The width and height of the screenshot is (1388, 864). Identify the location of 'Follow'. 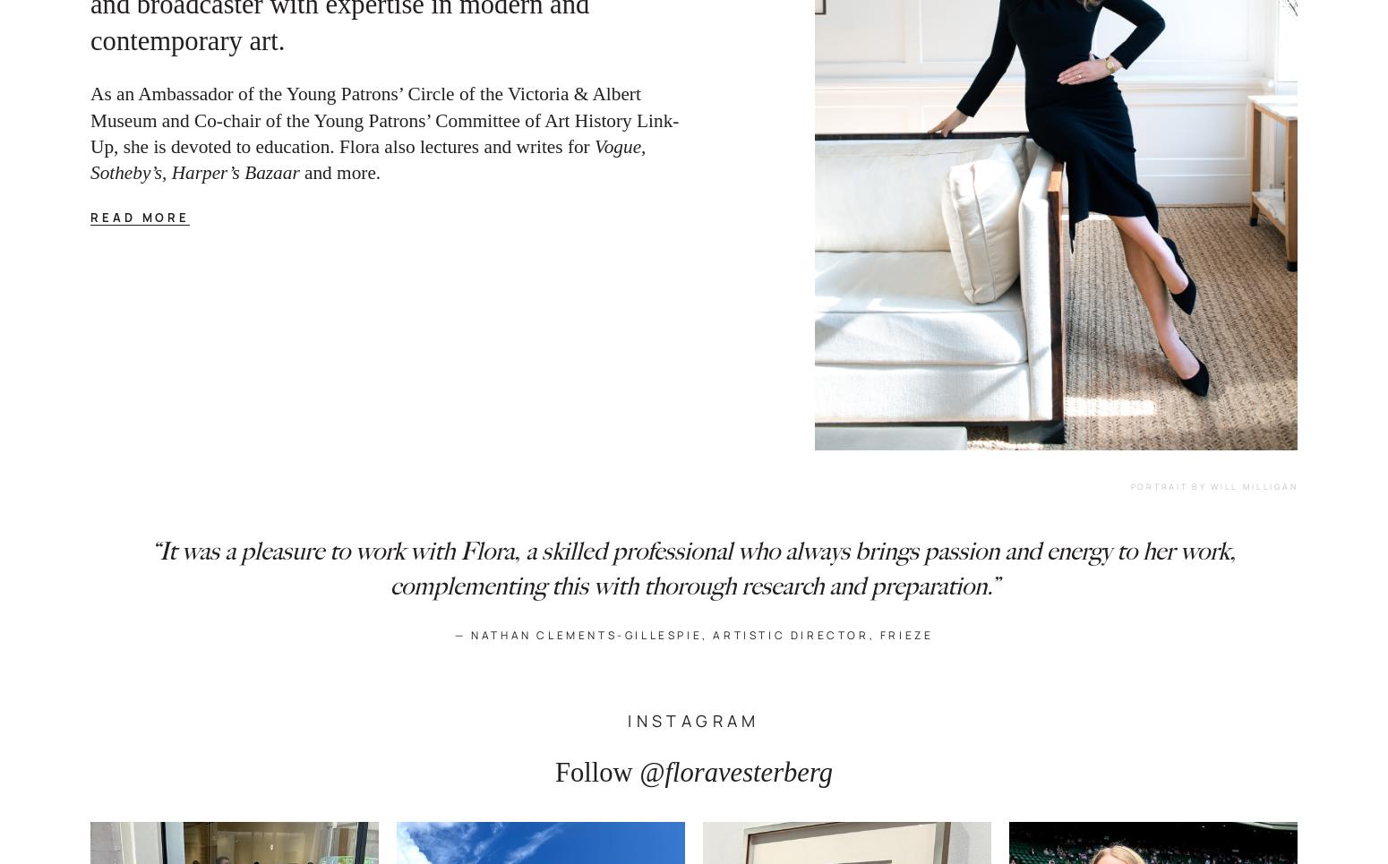
(592, 772).